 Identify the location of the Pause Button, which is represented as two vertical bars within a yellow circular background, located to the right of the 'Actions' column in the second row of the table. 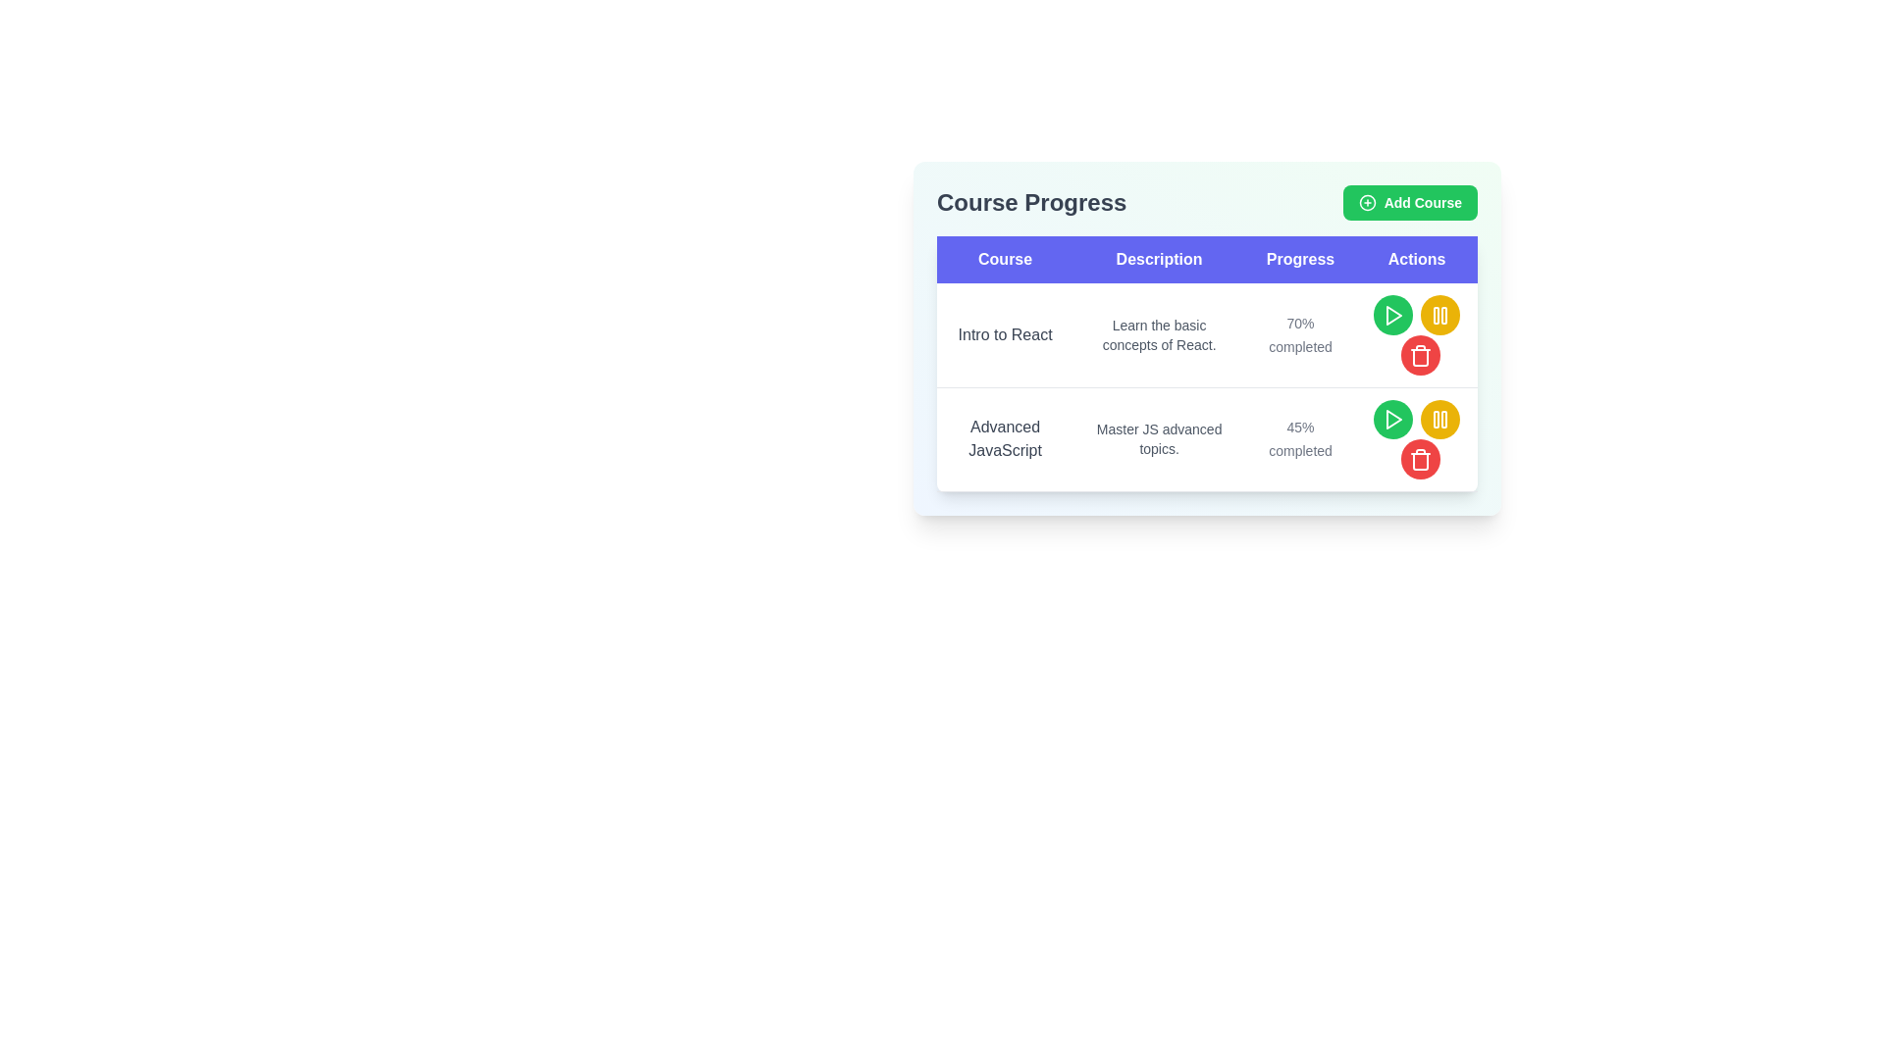
(1440, 314).